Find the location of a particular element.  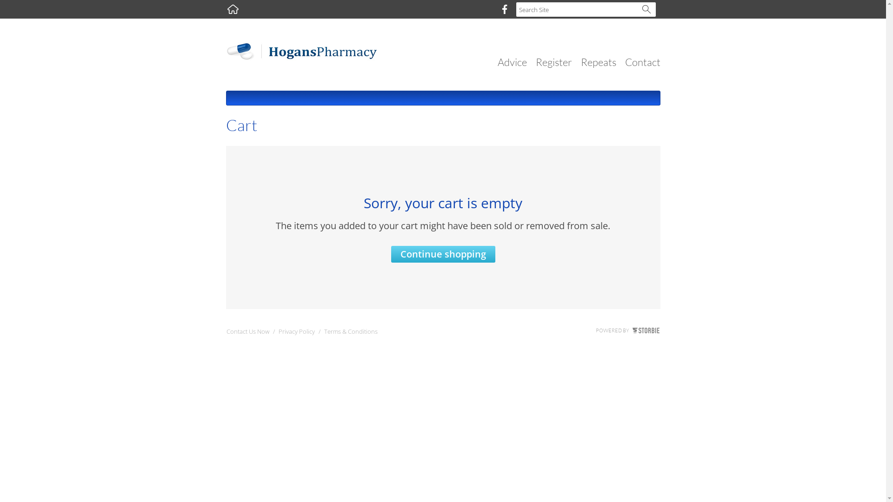

'POWERED BY' is located at coordinates (627, 330).